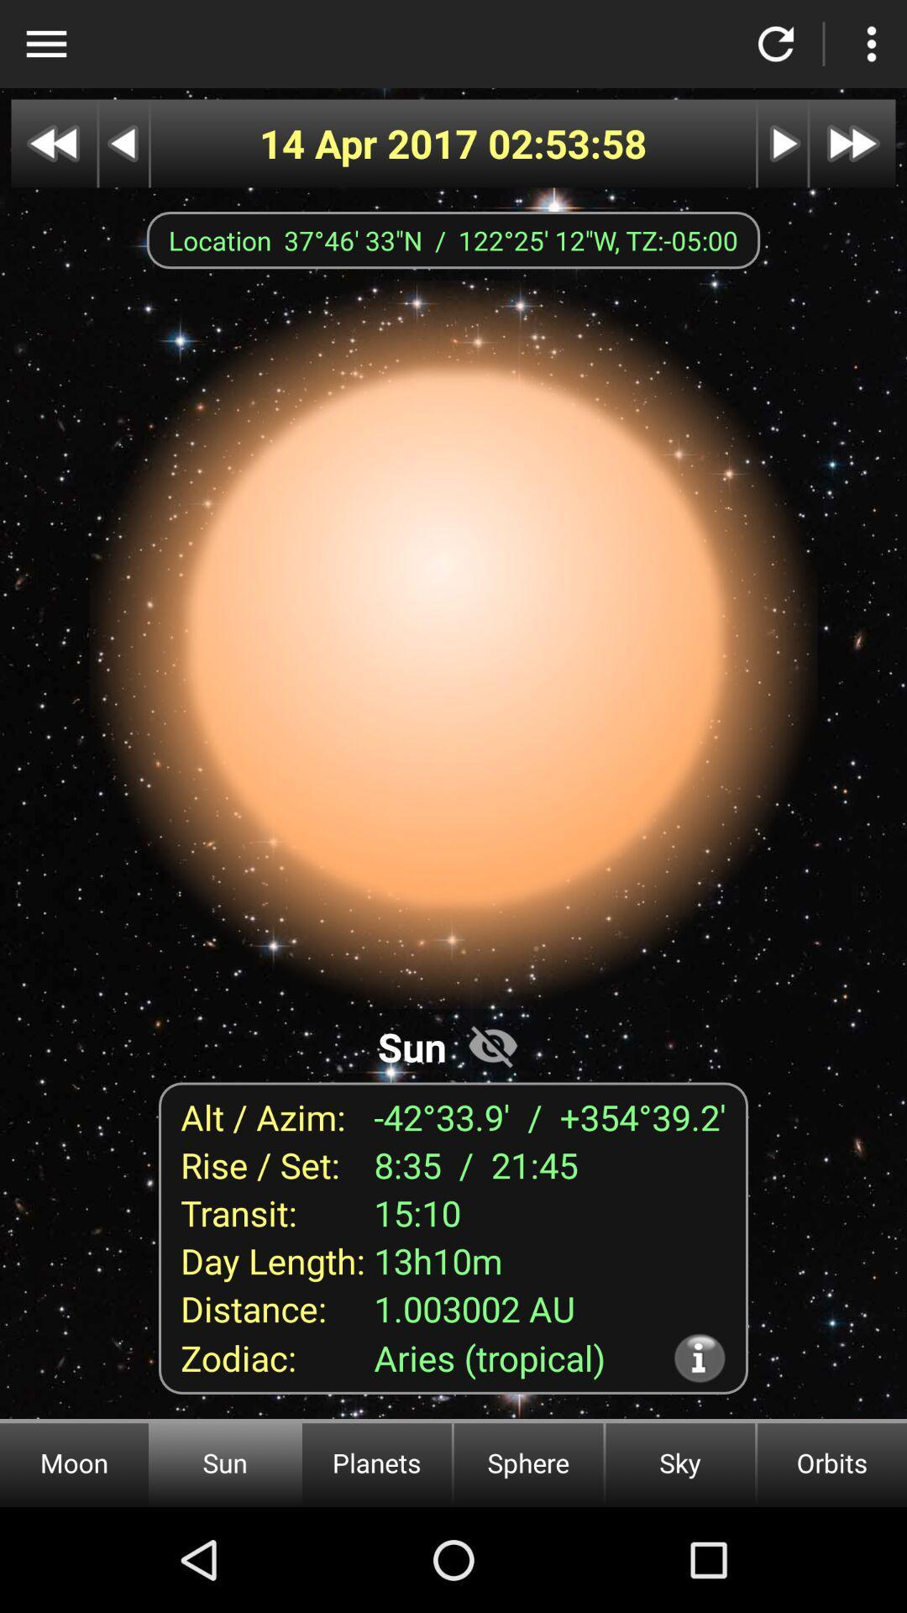 Image resolution: width=907 pixels, height=1613 pixels. I want to click on open menu, so click(45, 44).